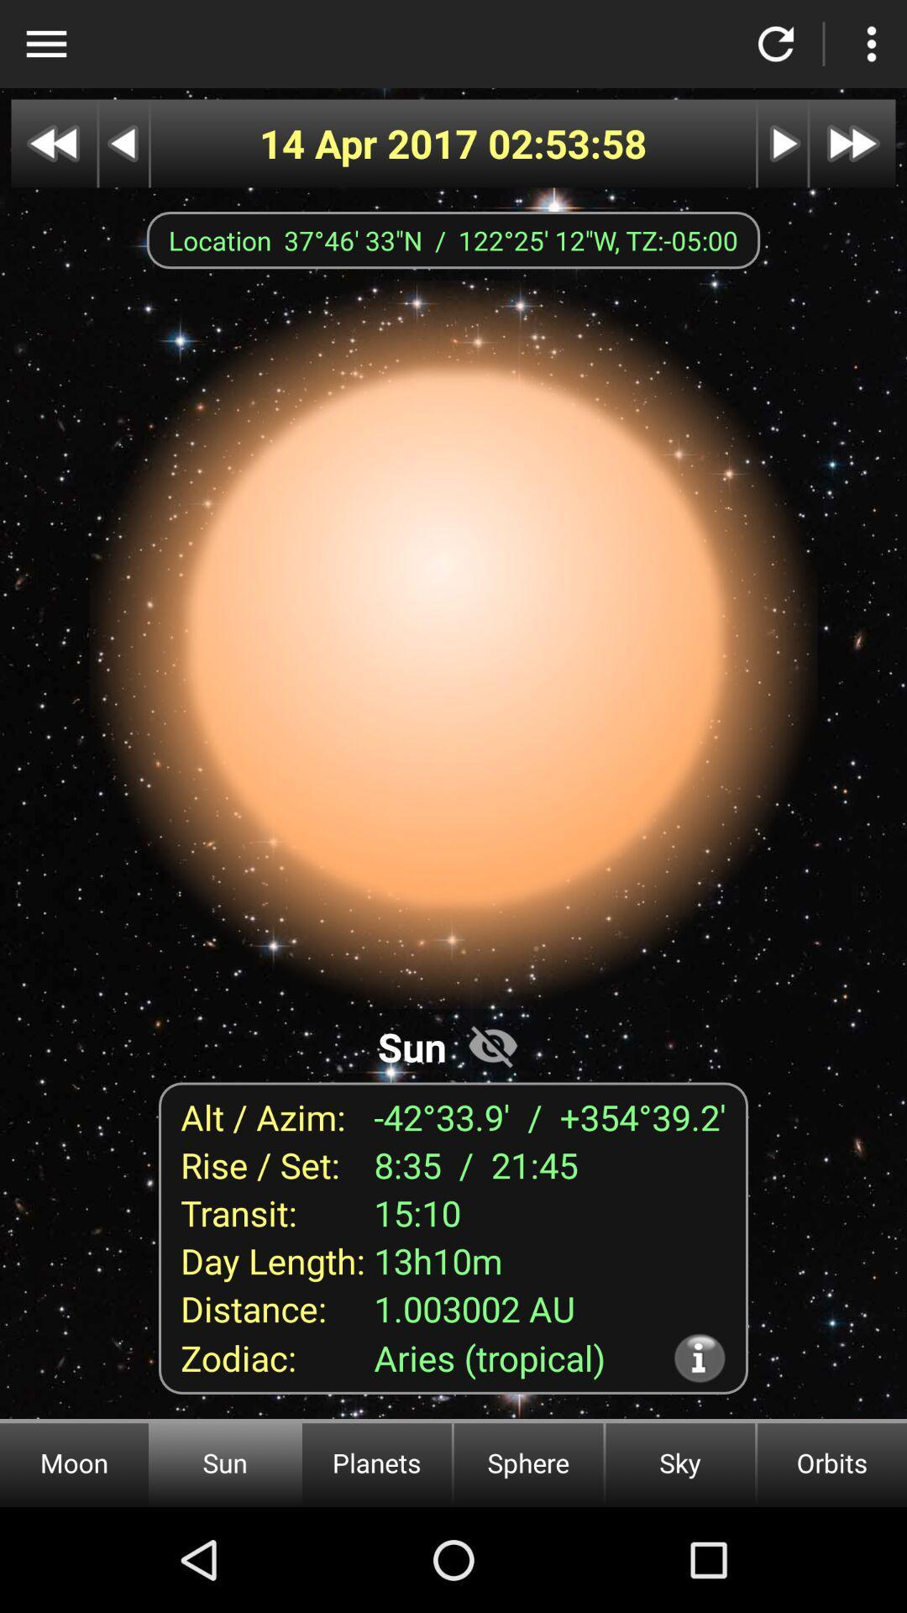 Image resolution: width=907 pixels, height=1613 pixels. I want to click on open menu, so click(45, 44).